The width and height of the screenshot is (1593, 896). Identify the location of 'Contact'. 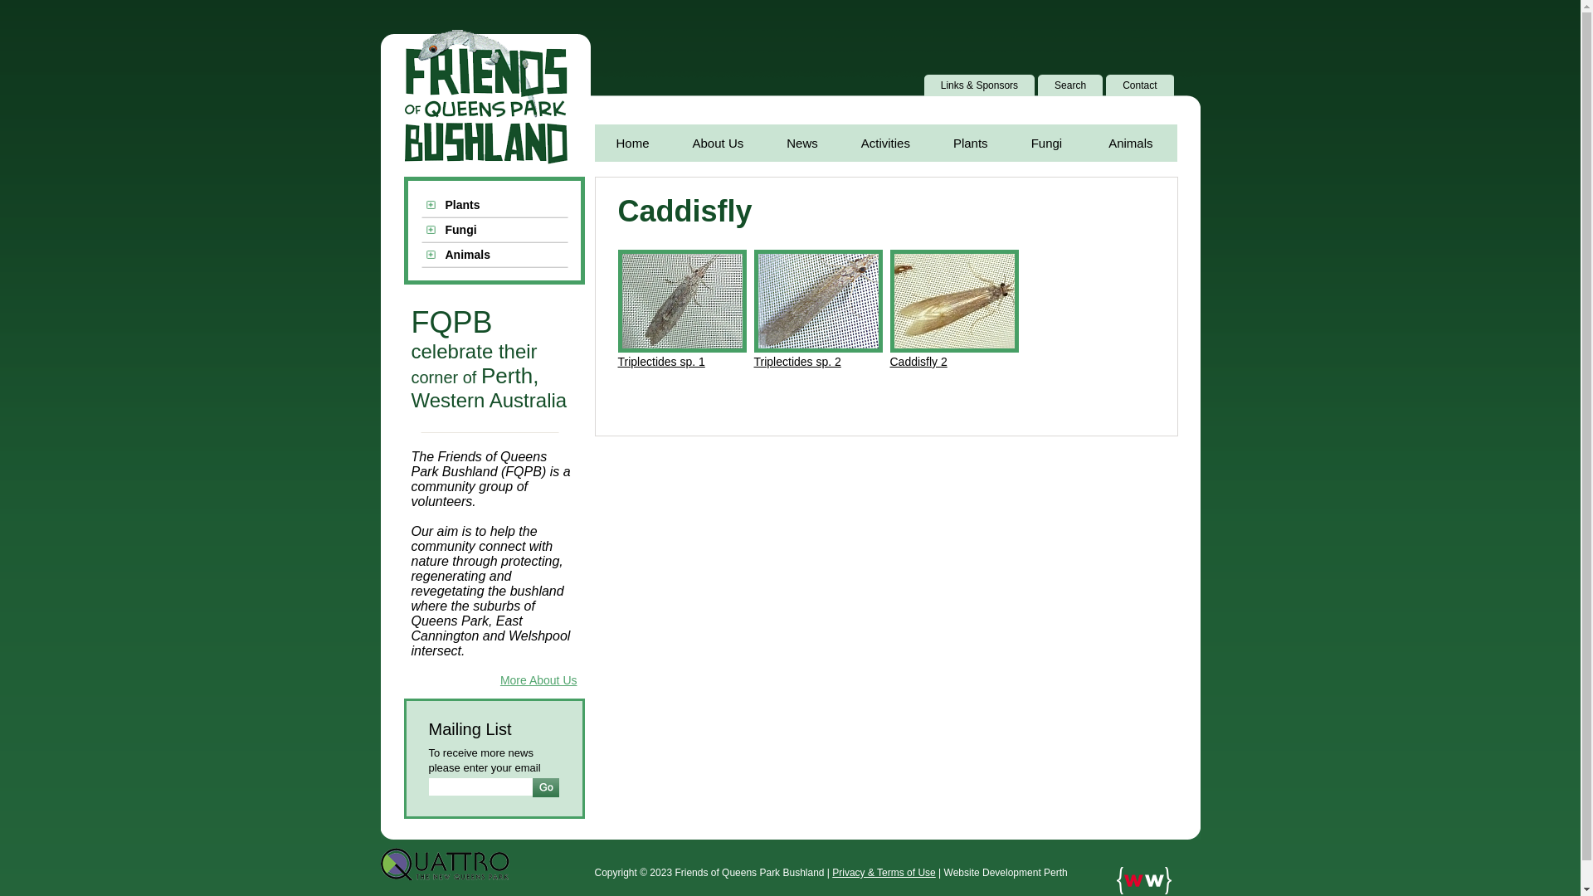
(1142, 85).